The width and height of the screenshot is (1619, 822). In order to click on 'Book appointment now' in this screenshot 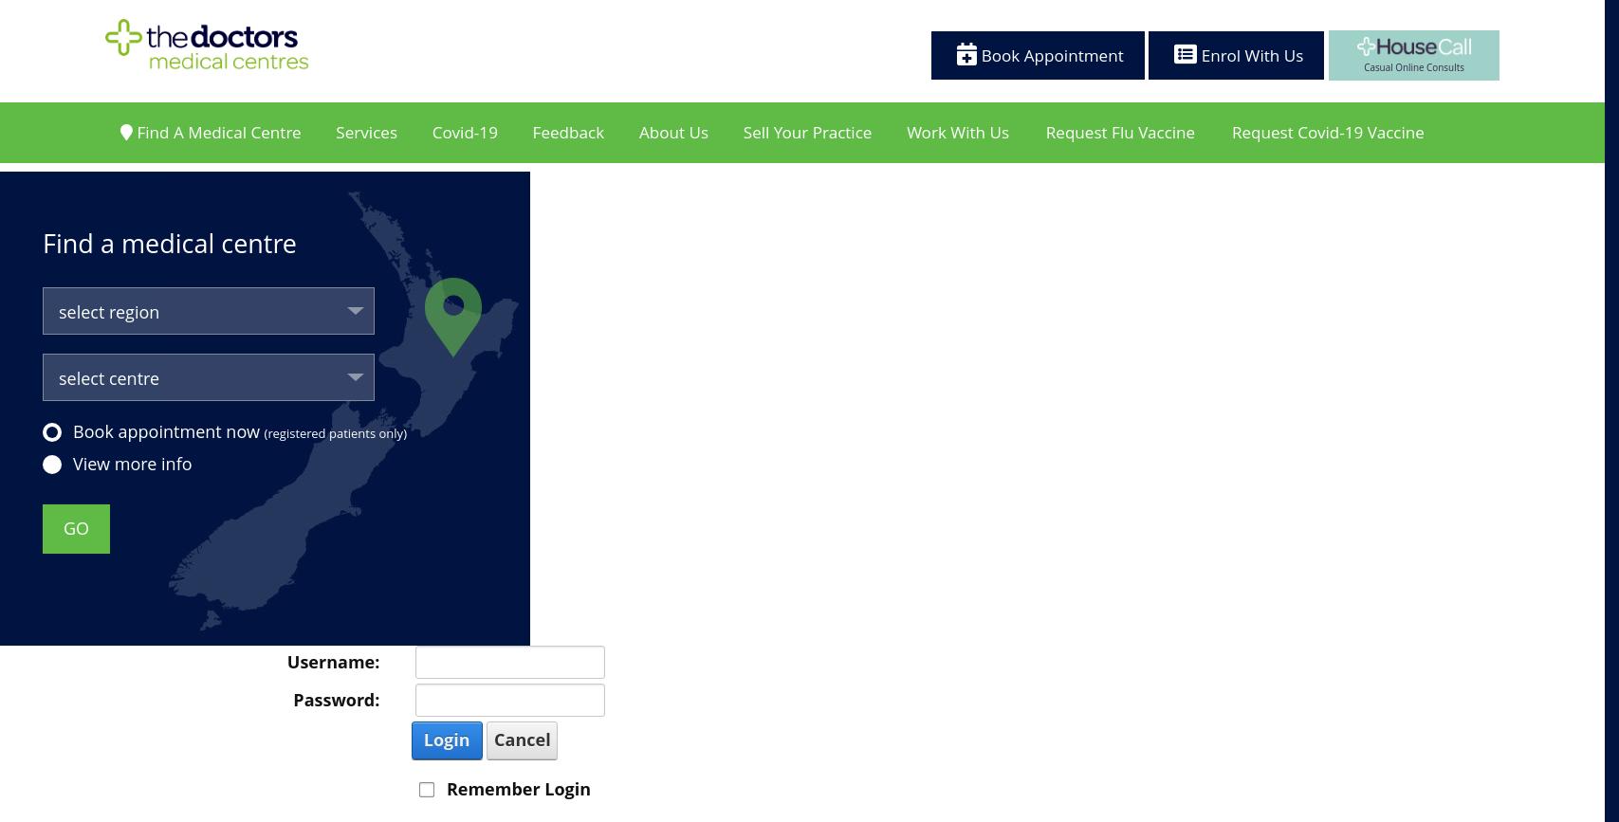, I will do `click(168, 430)`.